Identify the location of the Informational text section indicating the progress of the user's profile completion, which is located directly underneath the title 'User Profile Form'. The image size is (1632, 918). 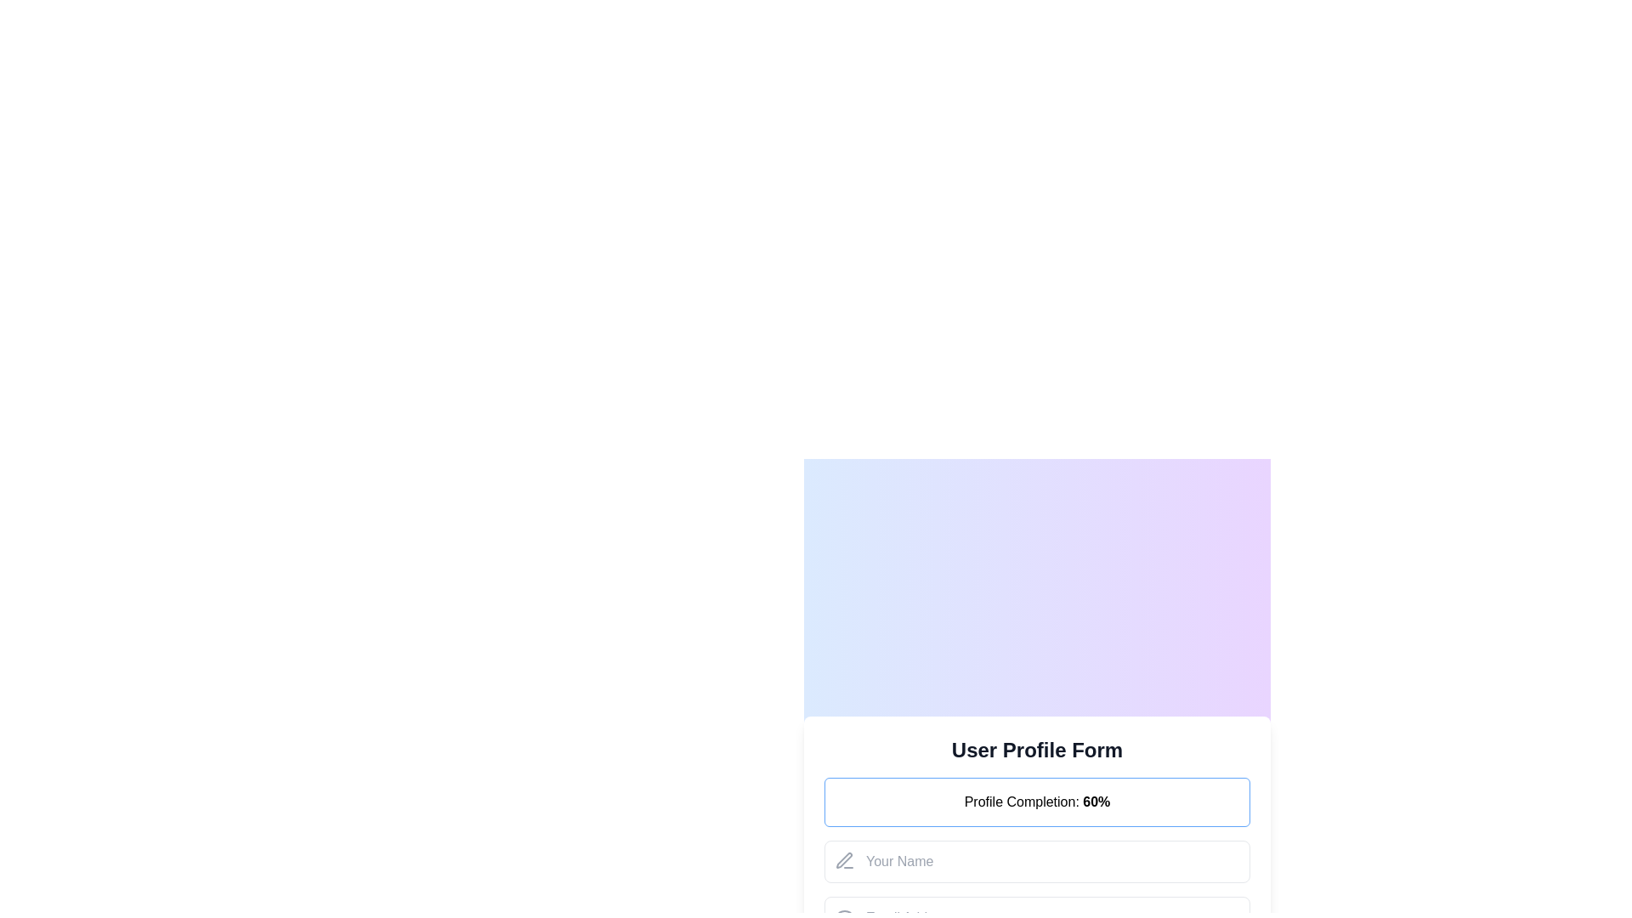
(1036, 802).